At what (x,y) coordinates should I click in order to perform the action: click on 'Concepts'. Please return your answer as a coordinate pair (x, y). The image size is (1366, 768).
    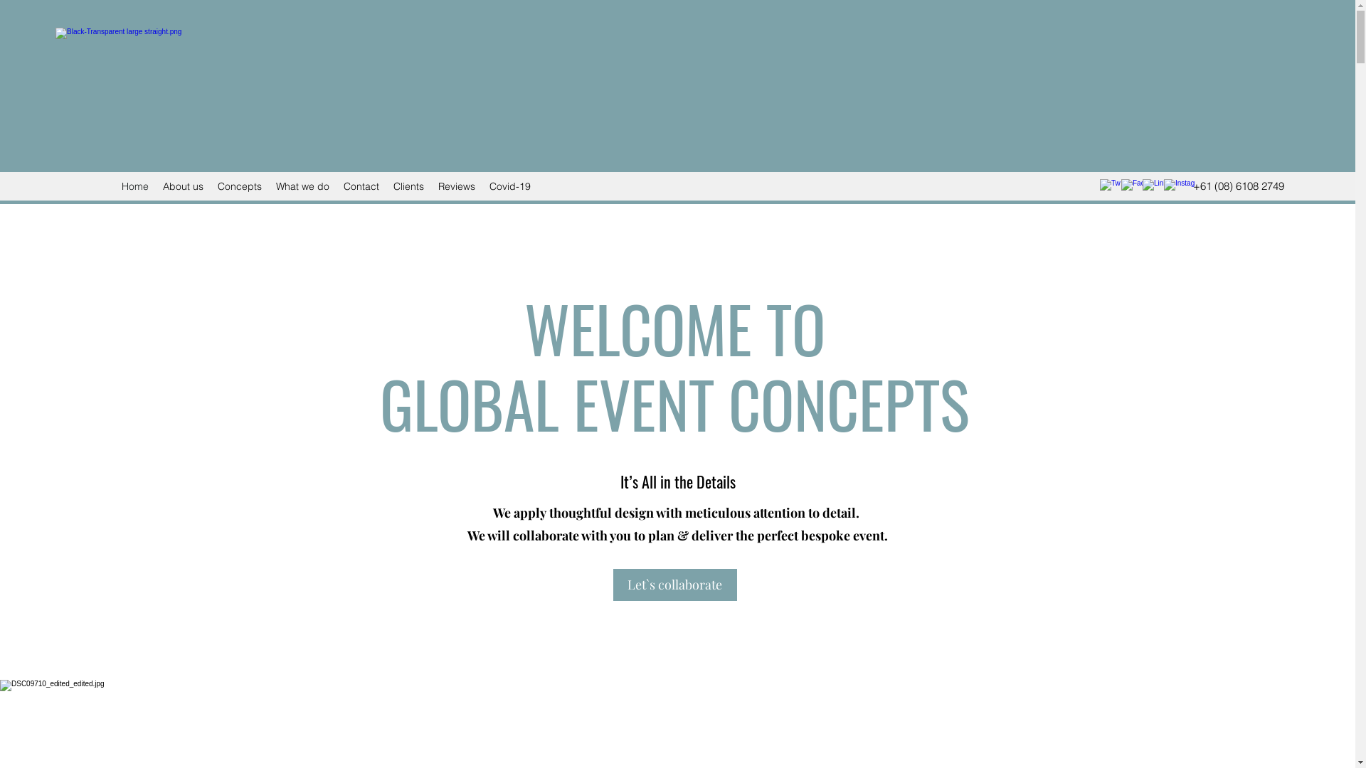
    Looking at the image, I should click on (239, 186).